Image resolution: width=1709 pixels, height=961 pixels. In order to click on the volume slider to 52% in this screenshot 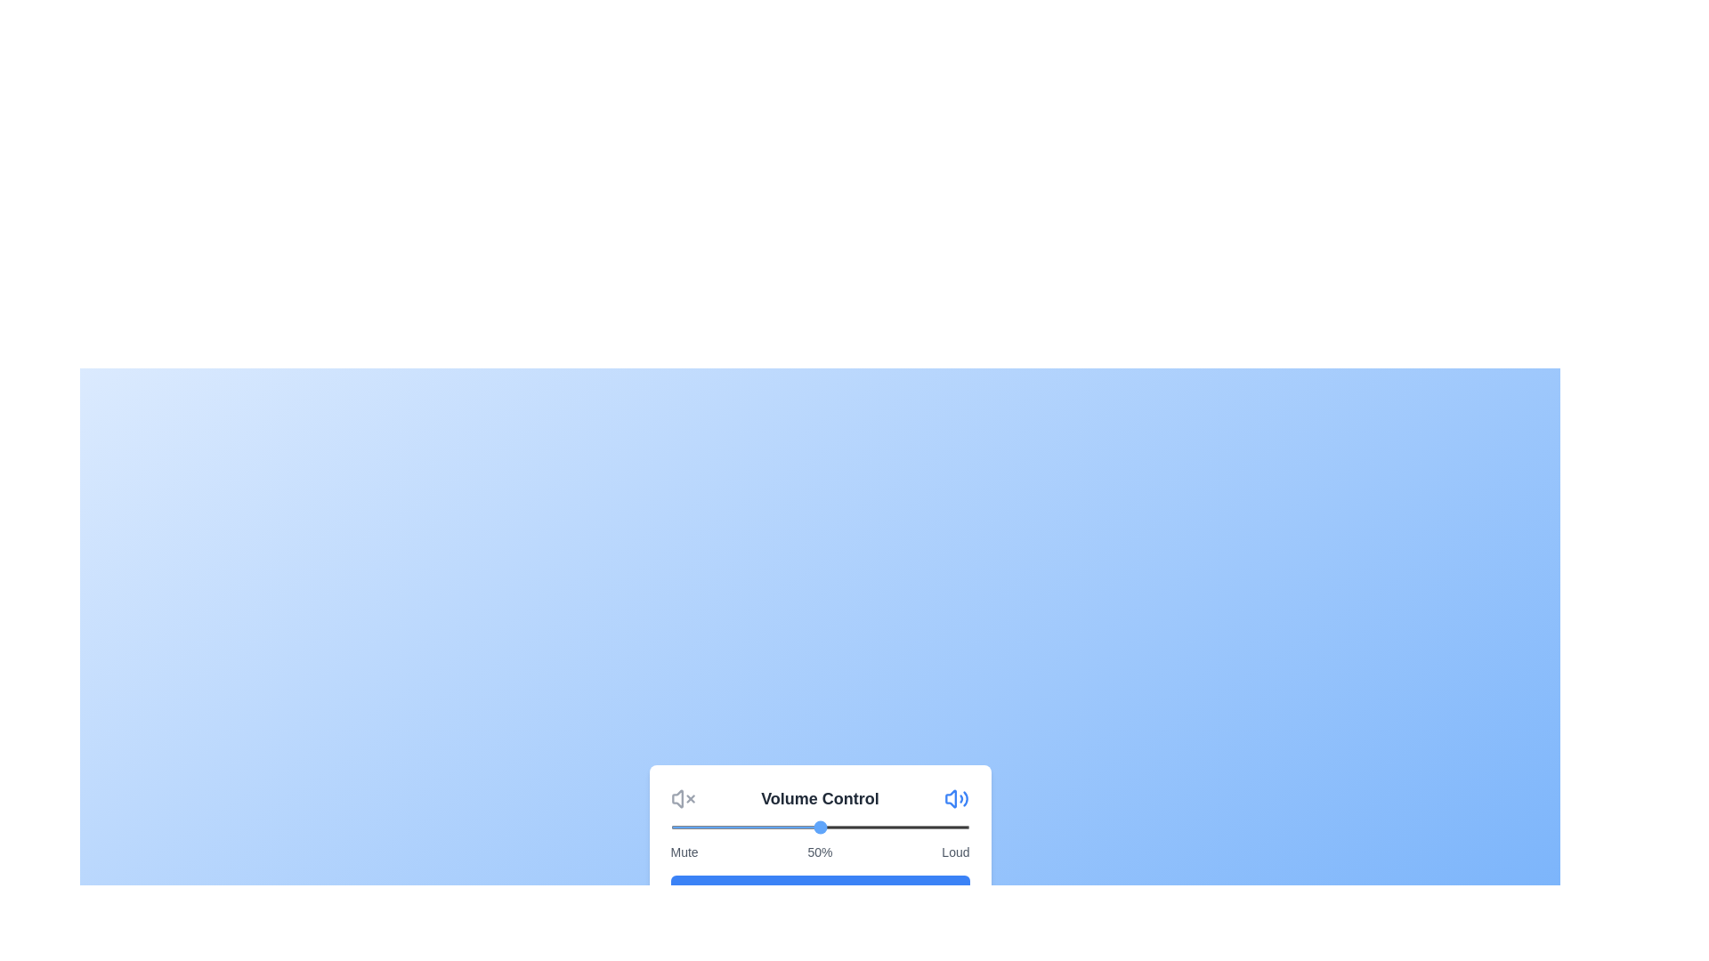, I will do `click(825, 827)`.